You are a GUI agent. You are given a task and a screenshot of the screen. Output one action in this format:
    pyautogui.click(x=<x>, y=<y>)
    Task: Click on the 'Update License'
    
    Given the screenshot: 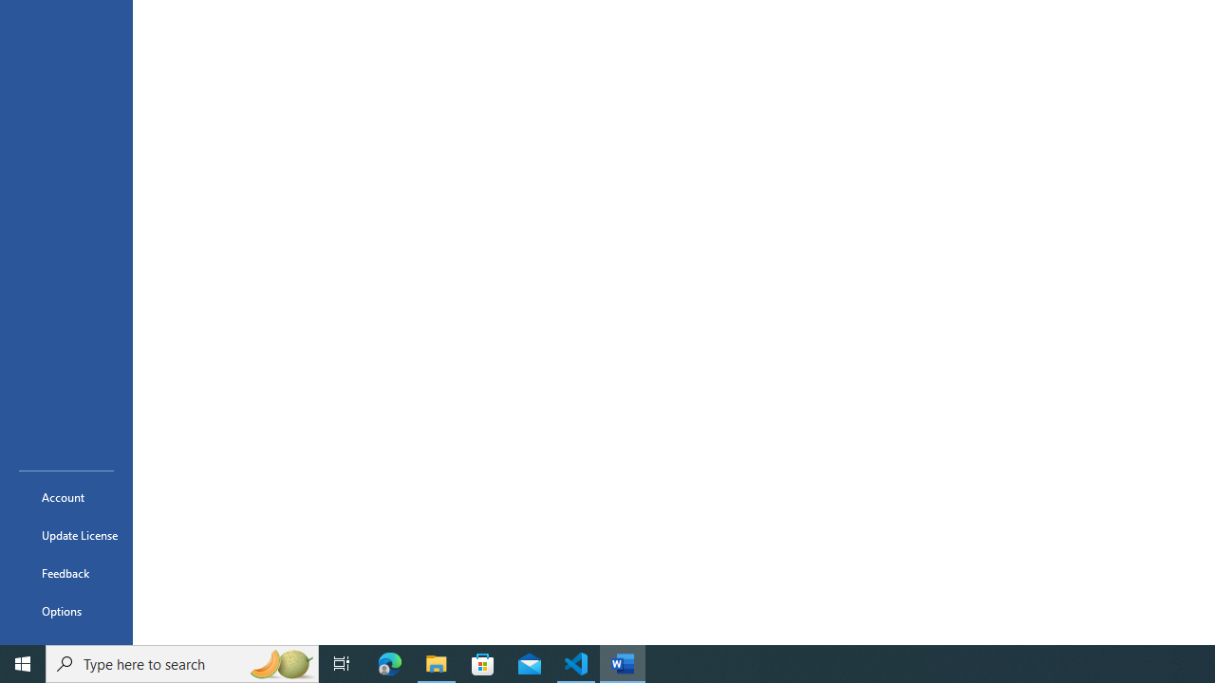 What is the action you would take?
    pyautogui.click(x=65, y=535)
    